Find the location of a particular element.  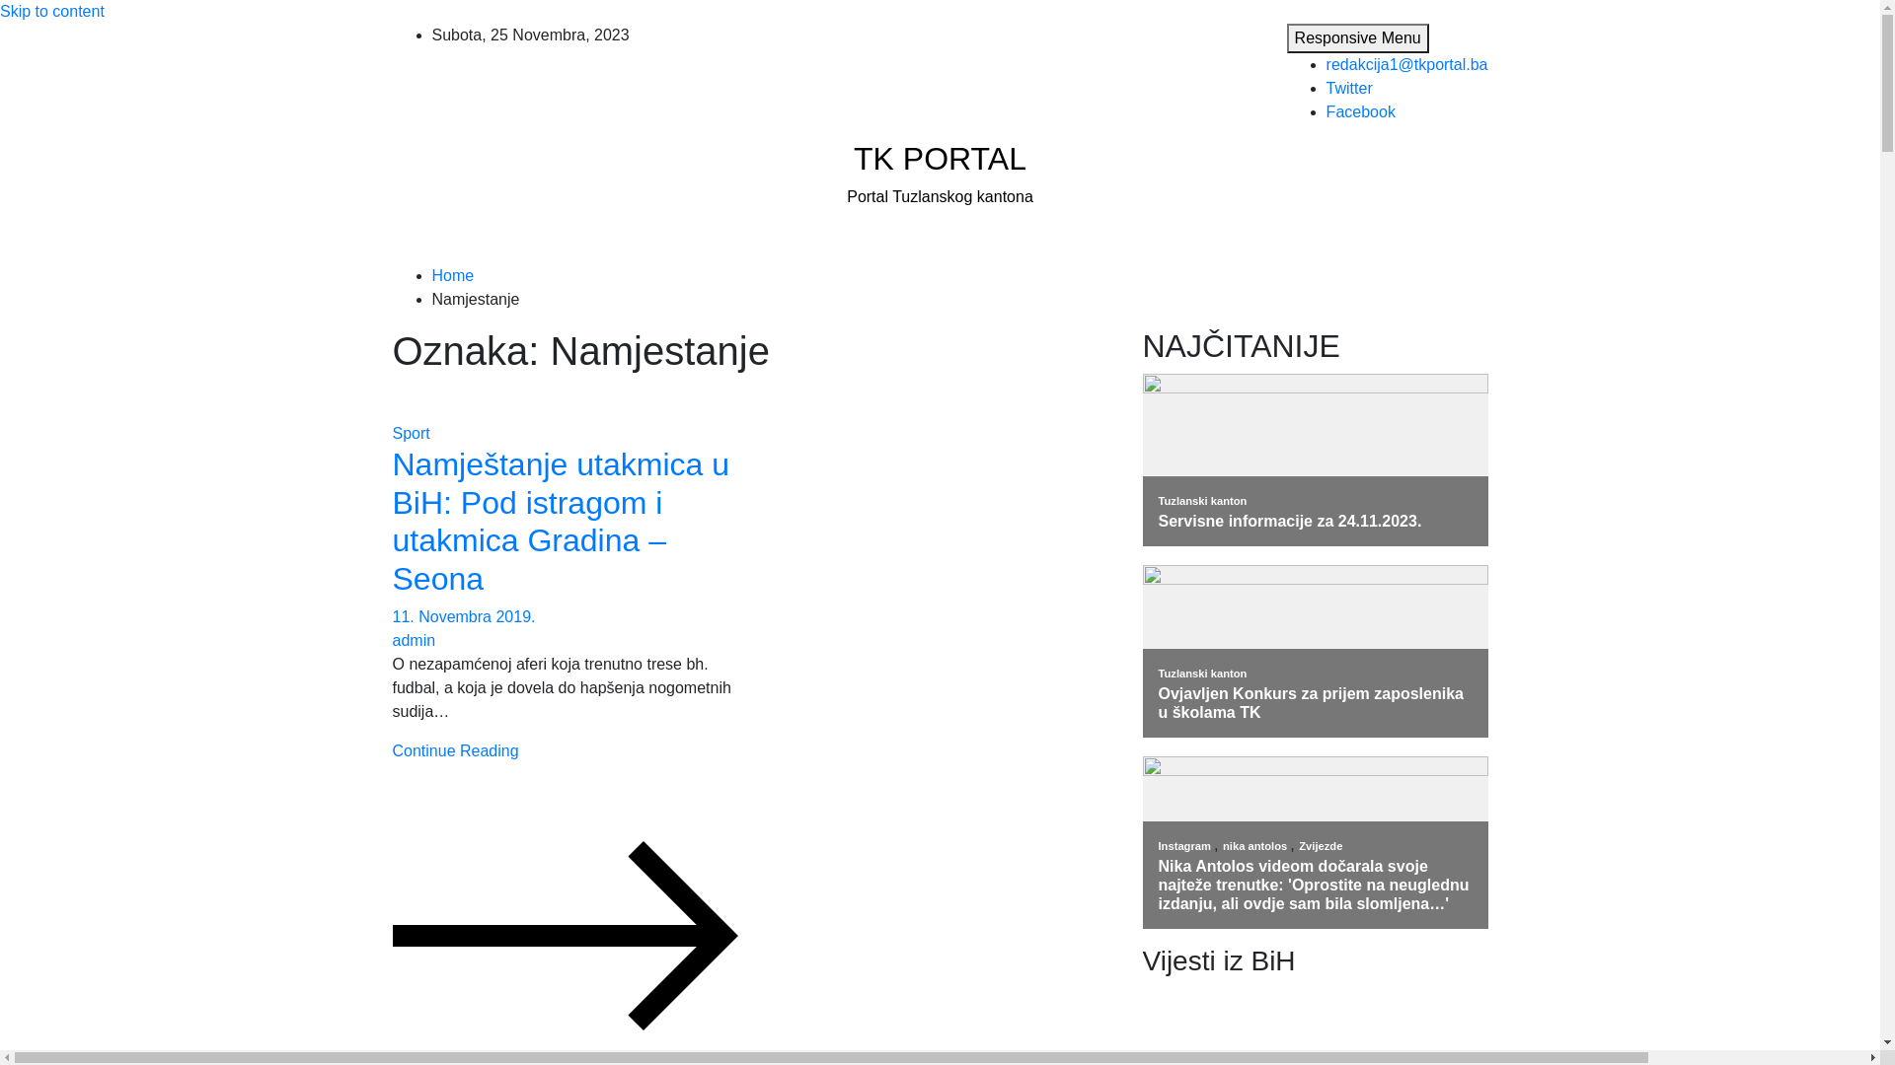

'Sport' is located at coordinates (411, 432).